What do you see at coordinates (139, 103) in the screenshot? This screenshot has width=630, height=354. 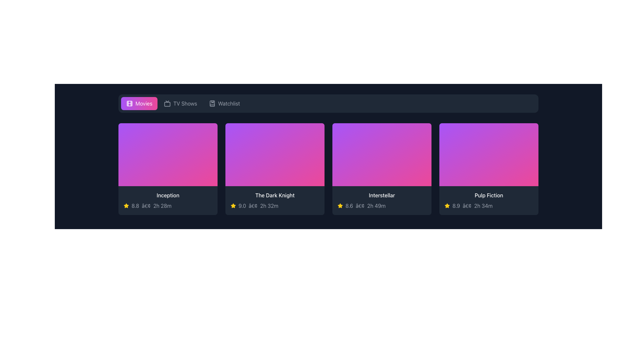 I see `the first button in the navigation bar which leads to the 'Movies' section` at bounding box center [139, 103].